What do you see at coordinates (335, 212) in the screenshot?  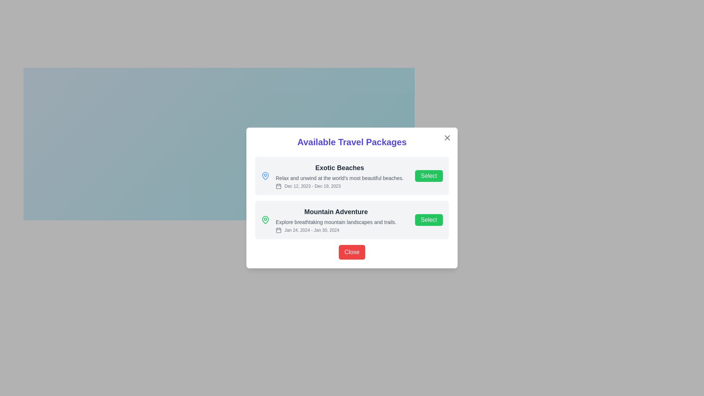 I see `the text element 'Mountain Adventure', which is displayed in a larger and bold font style, located in the middle section of the dialog box titled 'Available Travel Packages'` at bounding box center [335, 212].